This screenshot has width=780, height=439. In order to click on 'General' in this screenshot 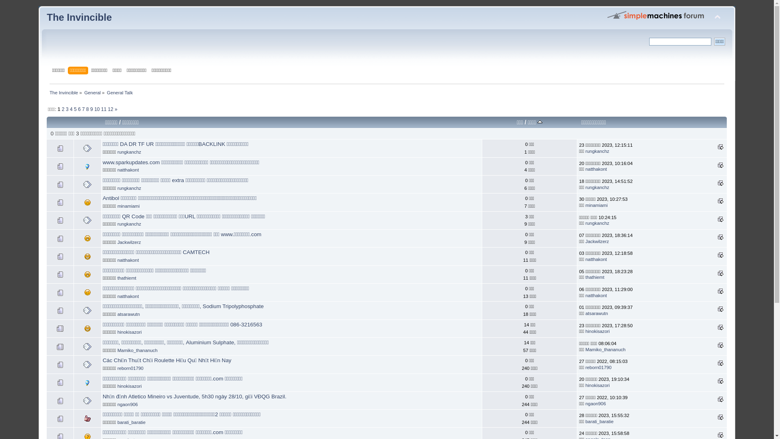, I will do `click(92, 92)`.